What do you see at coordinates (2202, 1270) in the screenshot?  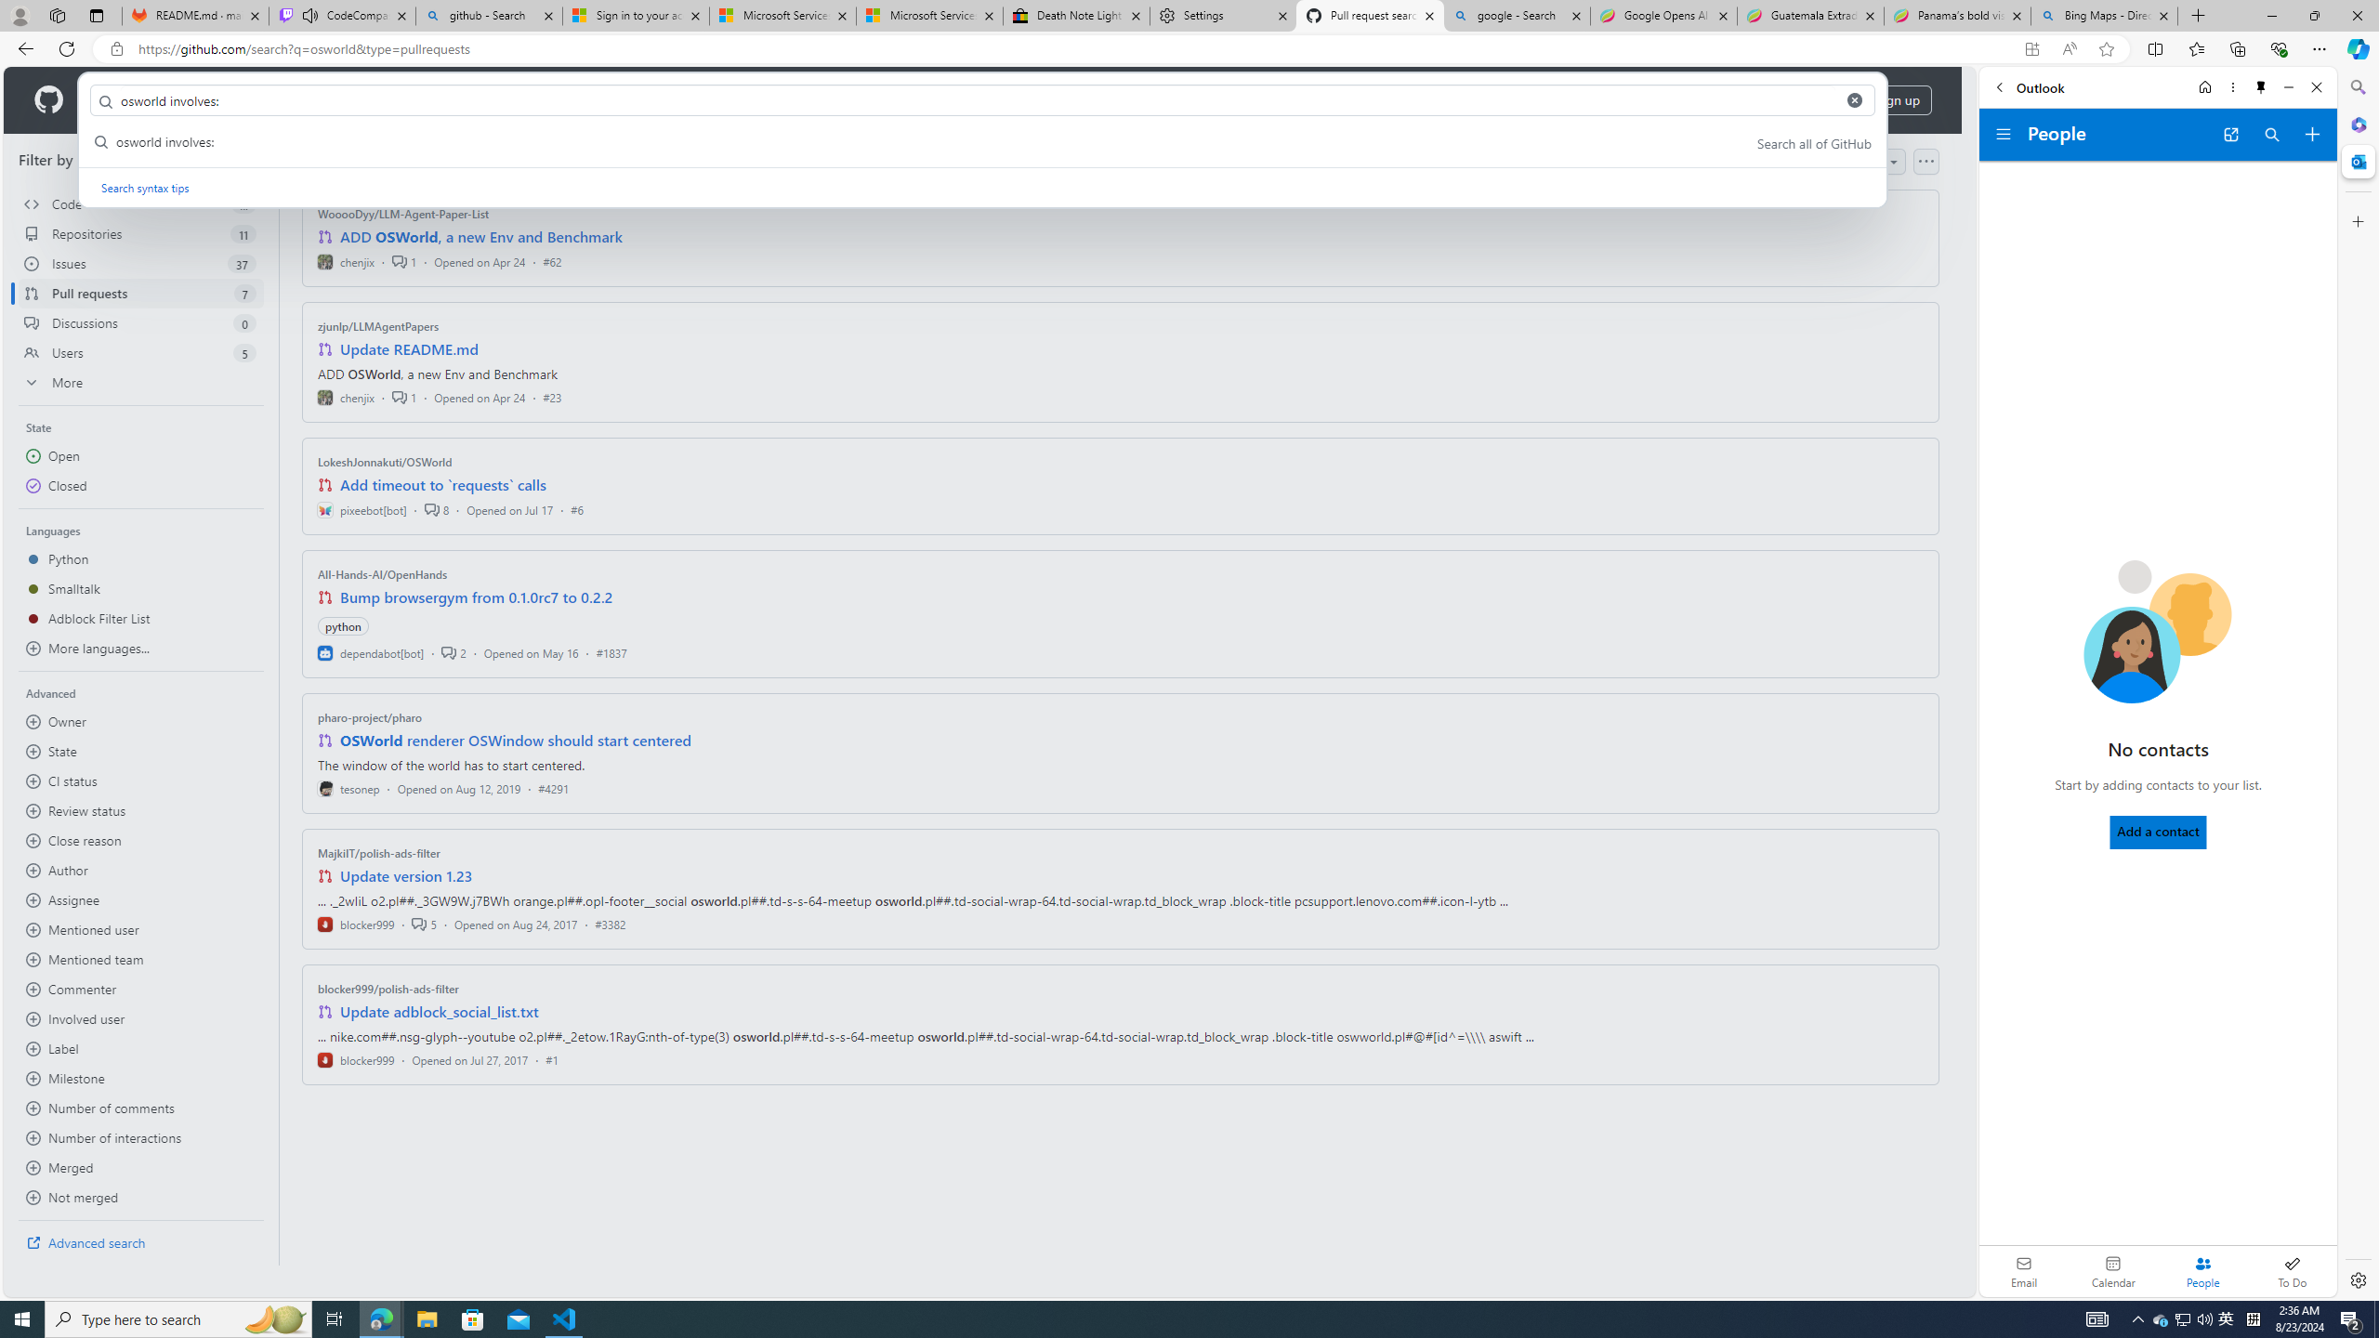 I see `'Selected people module'` at bounding box center [2202, 1270].